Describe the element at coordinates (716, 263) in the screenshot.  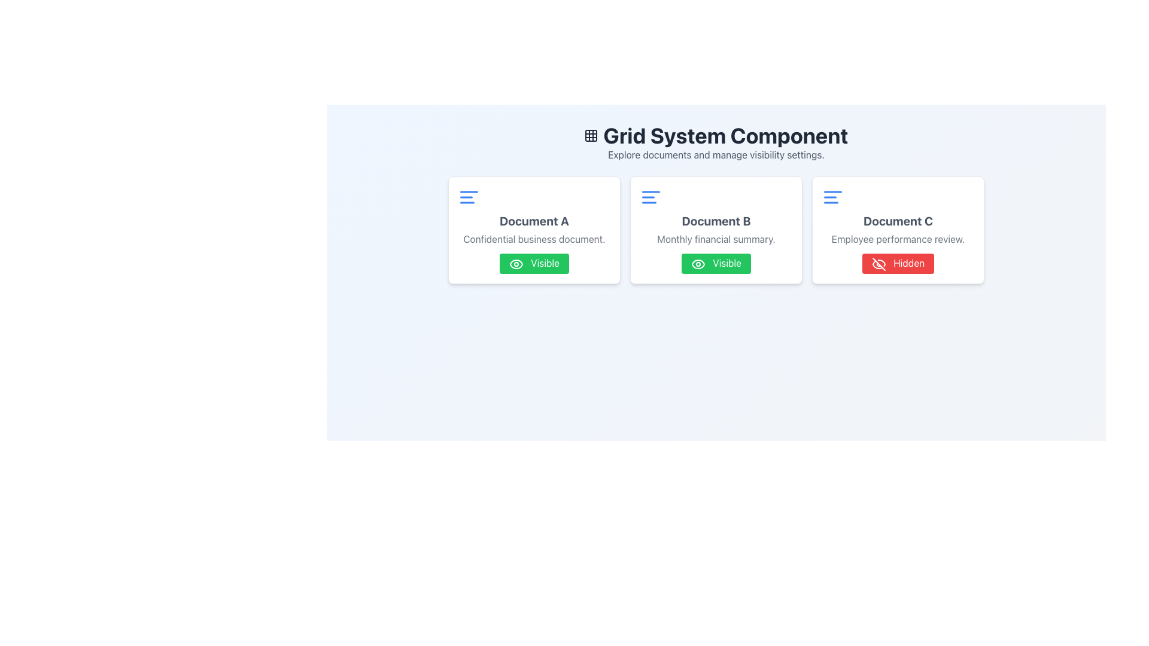
I see `the green button labeled 'Visible' with an eye icon to interact` at that location.